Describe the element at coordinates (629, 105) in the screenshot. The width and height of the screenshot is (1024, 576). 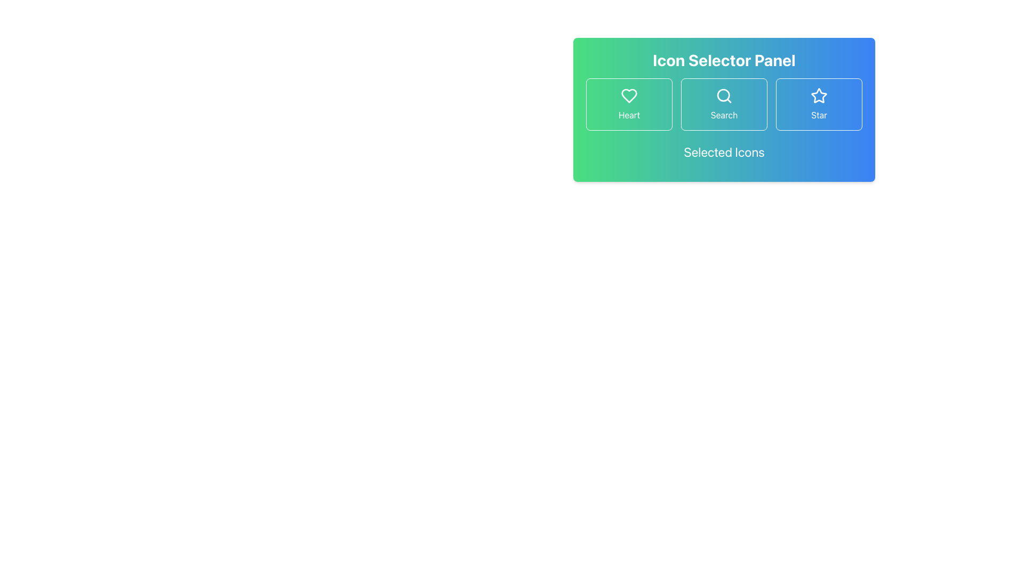
I see `the heart button, which is the first button in the horizontal grid layout` at that location.